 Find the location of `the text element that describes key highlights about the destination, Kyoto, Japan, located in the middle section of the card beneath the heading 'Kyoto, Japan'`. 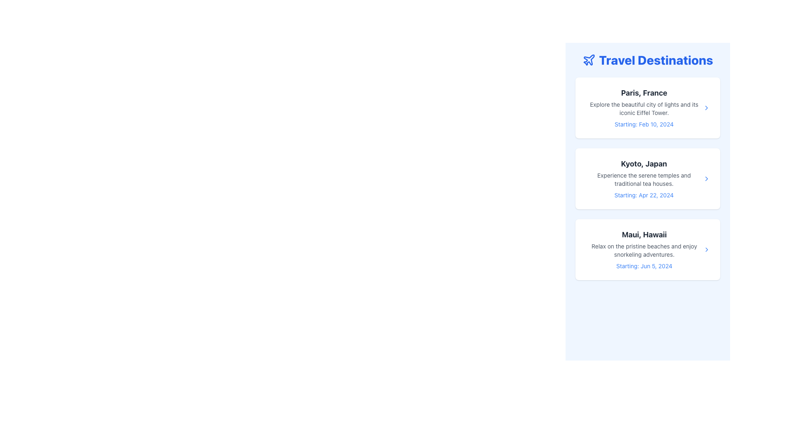

the text element that describes key highlights about the destination, Kyoto, Japan, located in the middle section of the card beneath the heading 'Kyoto, Japan' is located at coordinates (643, 179).